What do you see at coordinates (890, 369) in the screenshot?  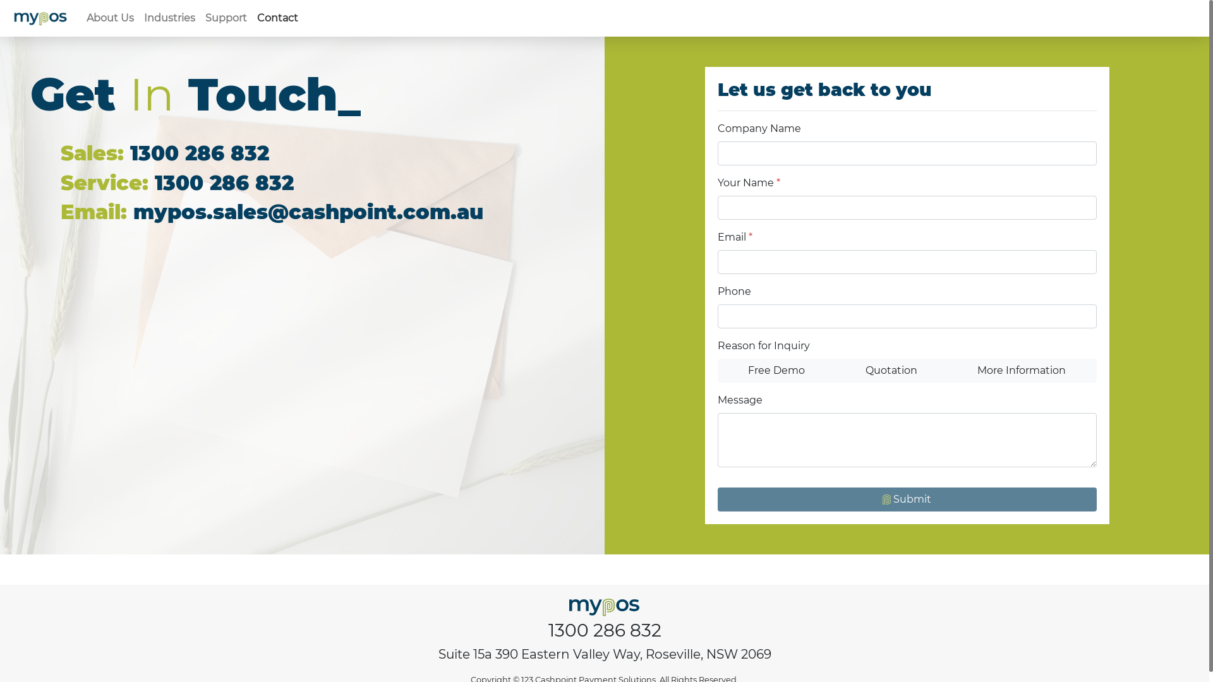 I see `'Quotation'` at bounding box center [890, 369].